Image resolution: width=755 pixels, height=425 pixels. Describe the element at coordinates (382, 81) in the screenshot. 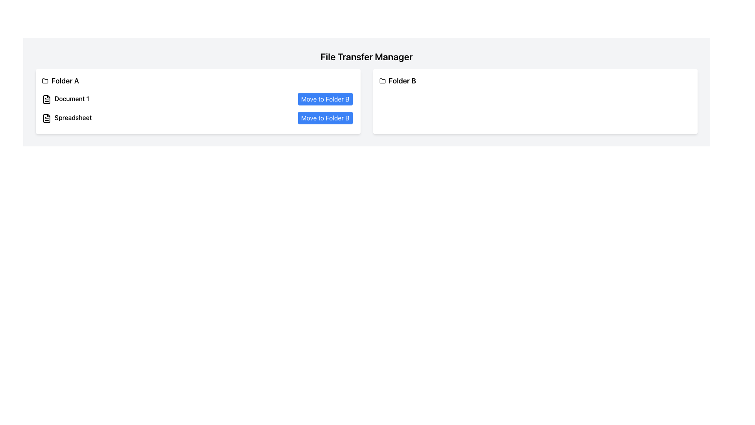

I see `the folder icon associated with the label 'Folder B', which is positioned directly to the left of the text in the right section of the interface` at that location.